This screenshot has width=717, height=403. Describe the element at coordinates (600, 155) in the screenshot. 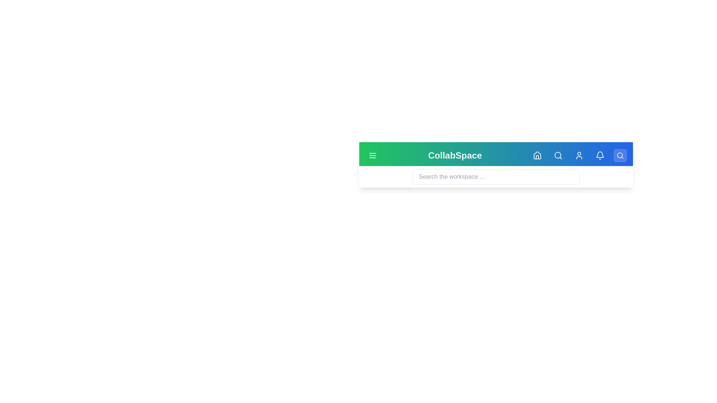

I see `the notifications icon to view notifications` at that location.